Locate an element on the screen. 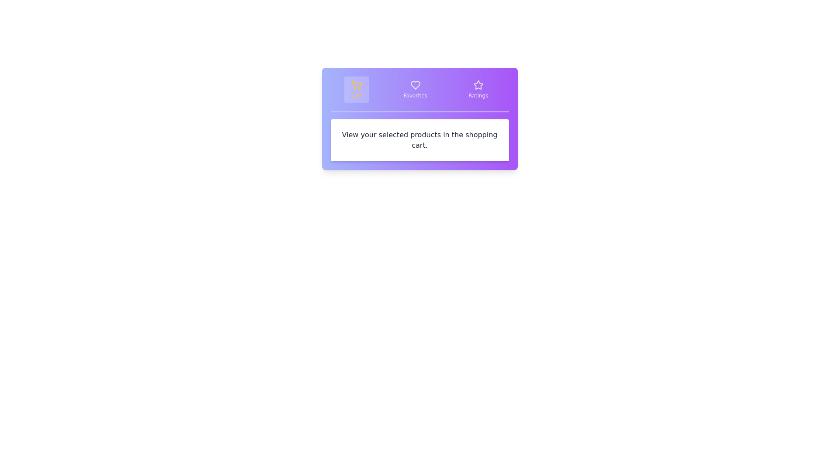 The image size is (839, 472). the Favorites icon in the top menu to access associated menu options is located at coordinates (415, 85).